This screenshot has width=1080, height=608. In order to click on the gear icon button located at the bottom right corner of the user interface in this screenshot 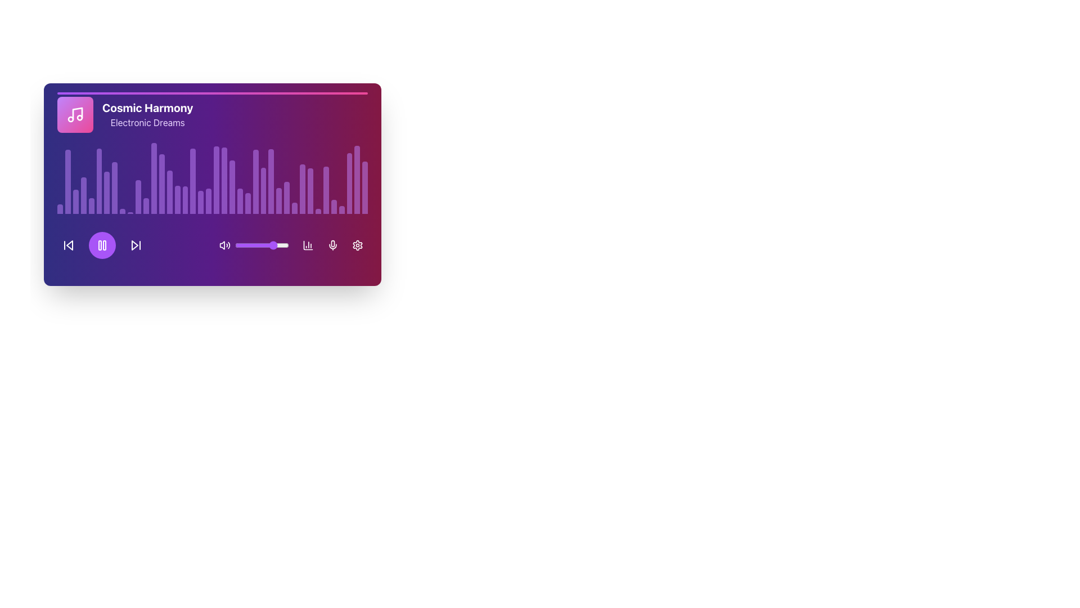, I will do `click(357, 244)`.